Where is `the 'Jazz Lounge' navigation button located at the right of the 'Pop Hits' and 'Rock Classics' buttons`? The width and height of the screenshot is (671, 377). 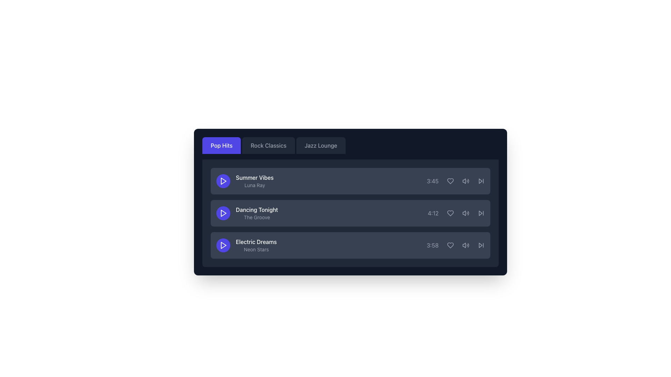
the 'Jazz Lounge' navigation button located at the right of the 'Pop Hits' and 'Rock Classics' buttons is located at coordinates (320, 145).